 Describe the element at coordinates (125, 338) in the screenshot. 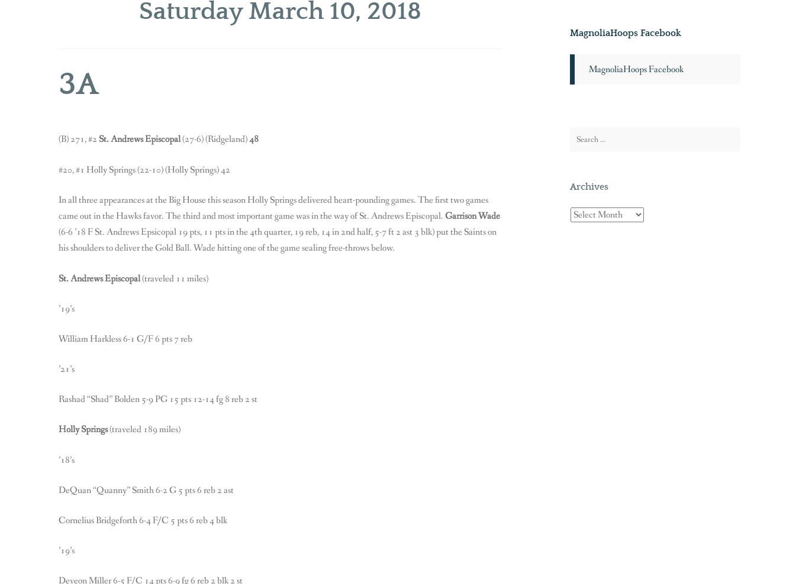

I see `'William Harkless 6-1 G/F 6 pts 7 reb'` at that location.